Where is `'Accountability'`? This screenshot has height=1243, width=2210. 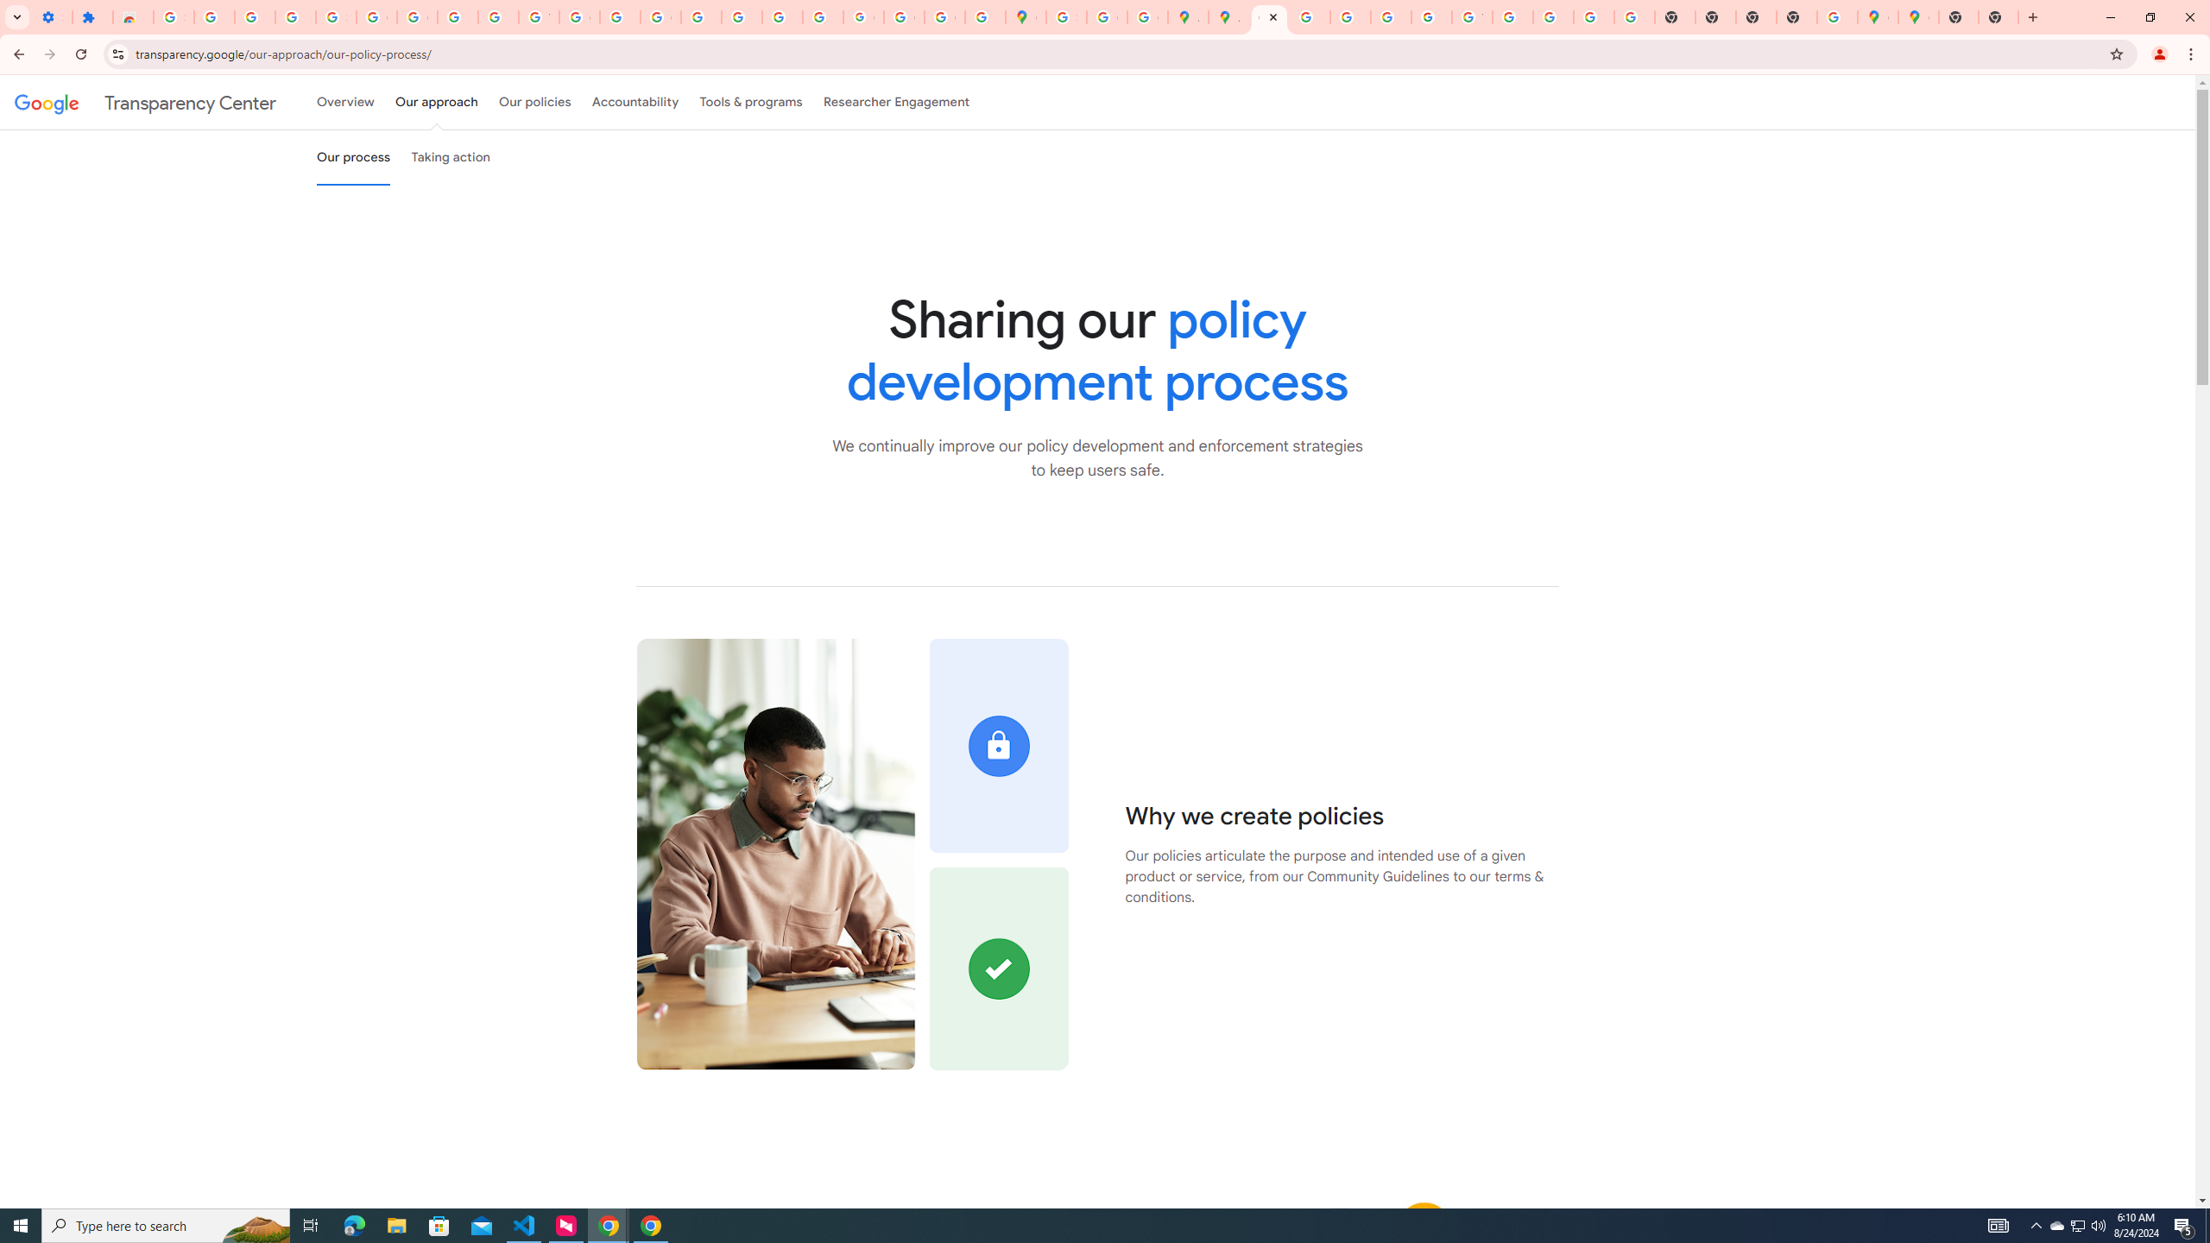
'Accountability' is located at coordinates (635, 102).